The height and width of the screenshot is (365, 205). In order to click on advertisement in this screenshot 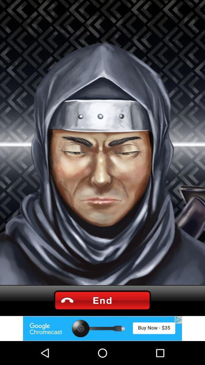, I will do `click(102, 328)`.